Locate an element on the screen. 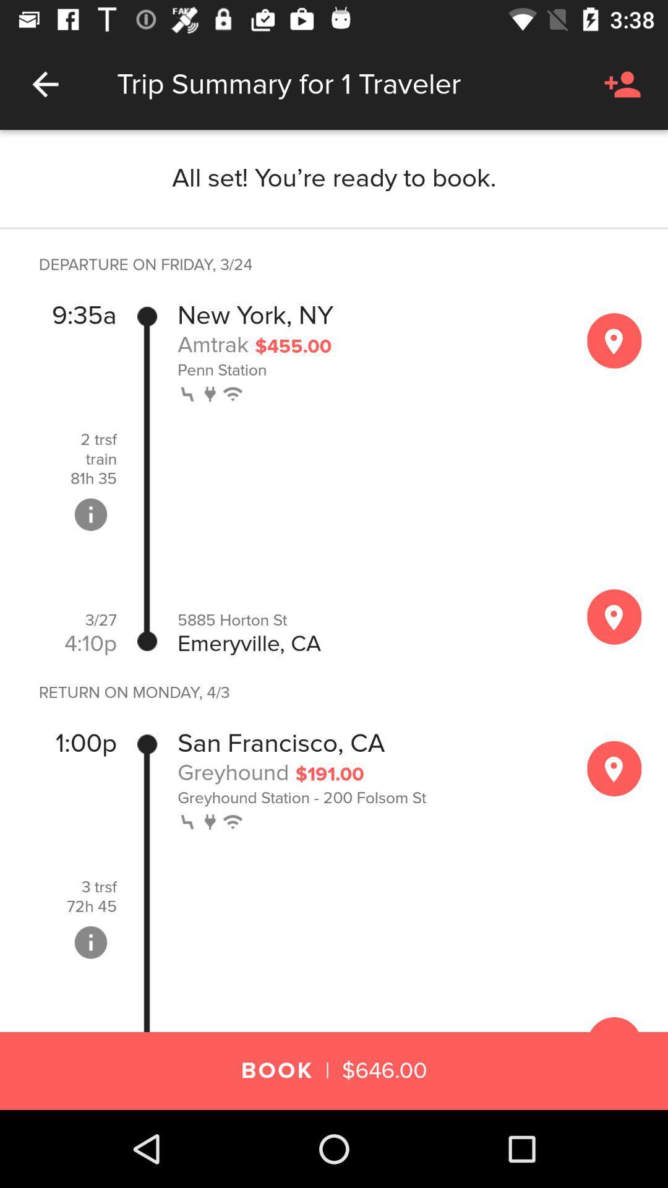 Image resolution: width=668 pixels, height=1188 pixels. the 5885 horton st item is located at coordinates (369, 620).